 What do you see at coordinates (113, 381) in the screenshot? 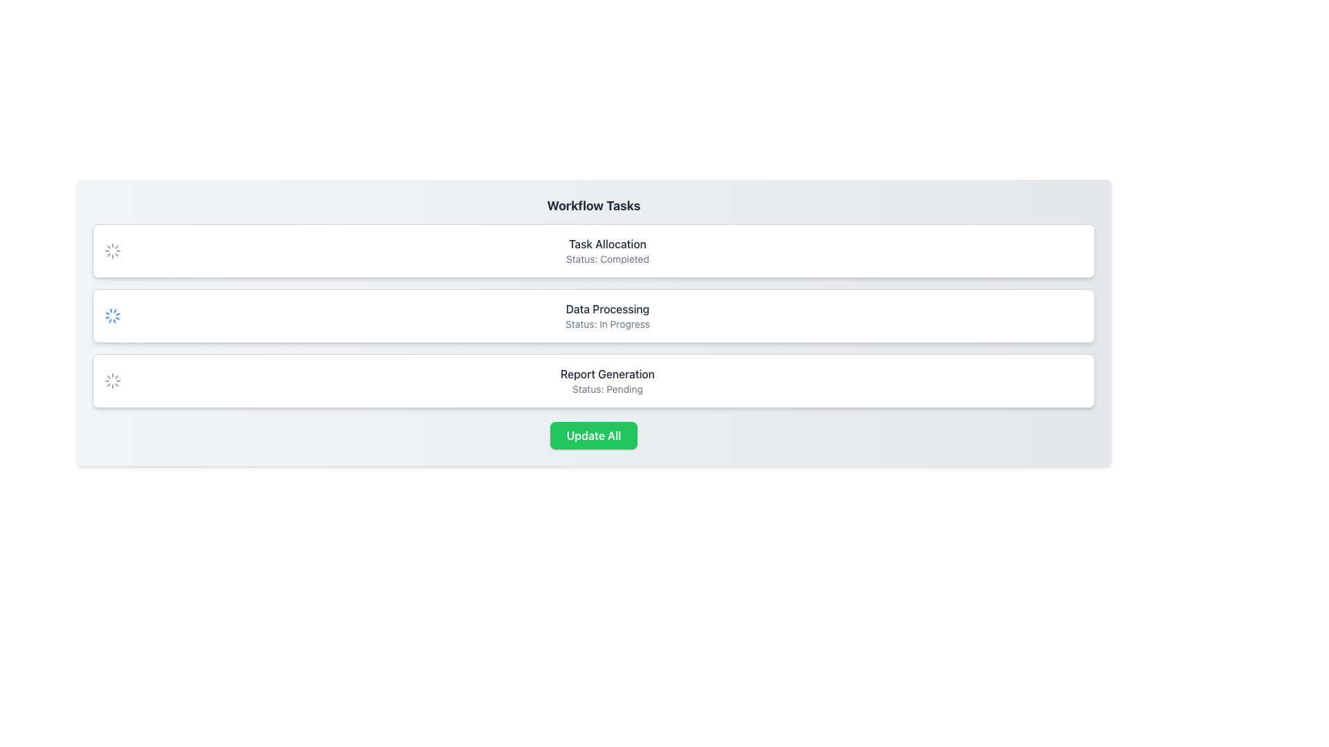
I see `the spinner icon in the 'Report Generation' task bar, indicating a loading status` at bounding box center [113, 381].